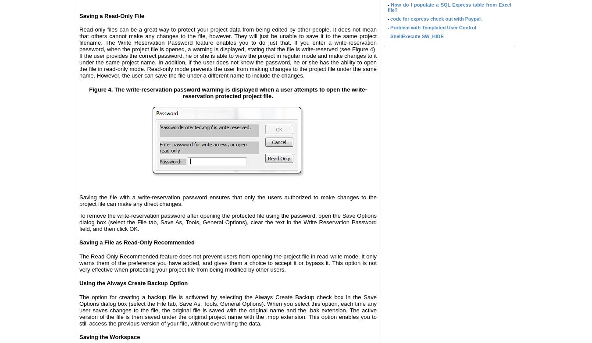 This screenshot has width=592, height=343. I want to click on 'ShellExecute SW_HIDE', so click(416, 36).